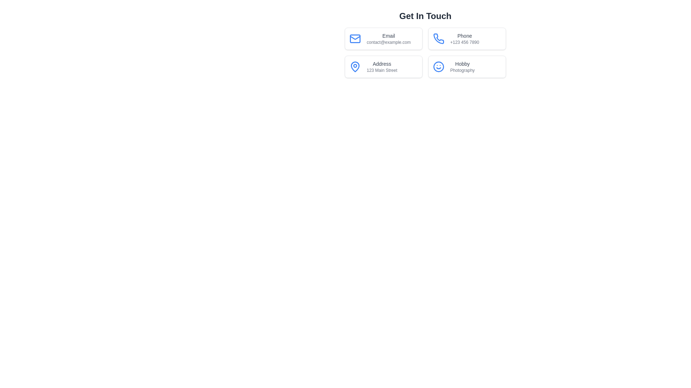  What do you see at coordinates (438, 39) in the screenshot?
I see `the blue phone icon located under the 'Get In Touch' heading, positioned in the second box of the grid layout` at bounding box center [438, 39].